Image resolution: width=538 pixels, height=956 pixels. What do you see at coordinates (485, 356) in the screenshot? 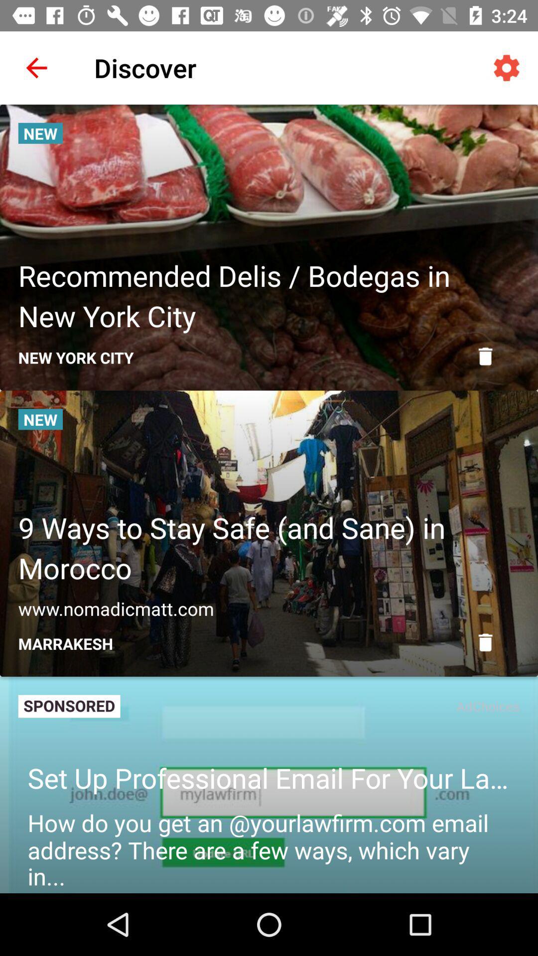
I see `delete option` at bounding box center [485, 356].